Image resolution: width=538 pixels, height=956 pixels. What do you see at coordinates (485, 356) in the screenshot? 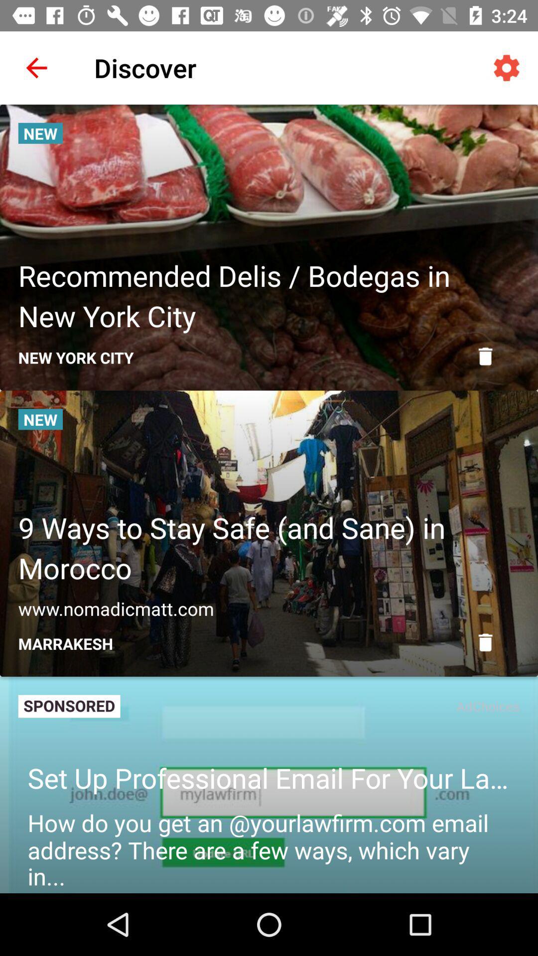
I see `delete option` at bounding box center [485, 356].